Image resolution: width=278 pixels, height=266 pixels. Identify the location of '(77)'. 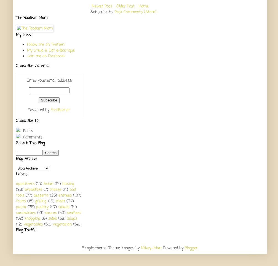
(29, 195).